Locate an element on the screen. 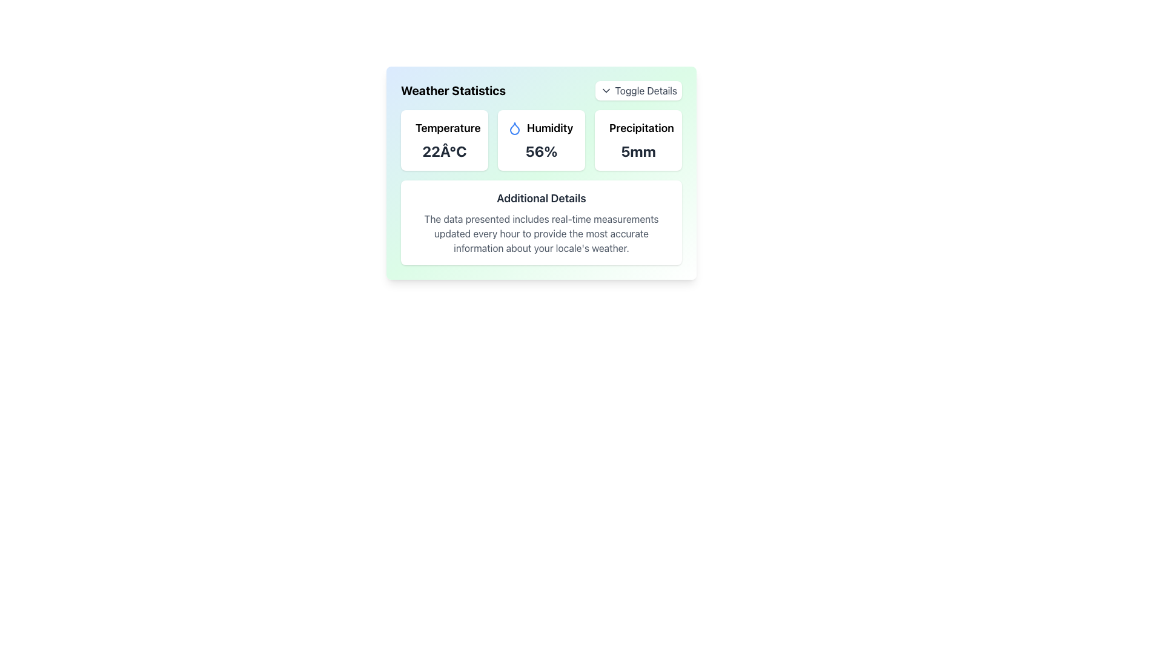 This screenshot has height=654, width=1163. the button located to the right of the 'Weather Statistics' heading is located at coordinates (638, 90).